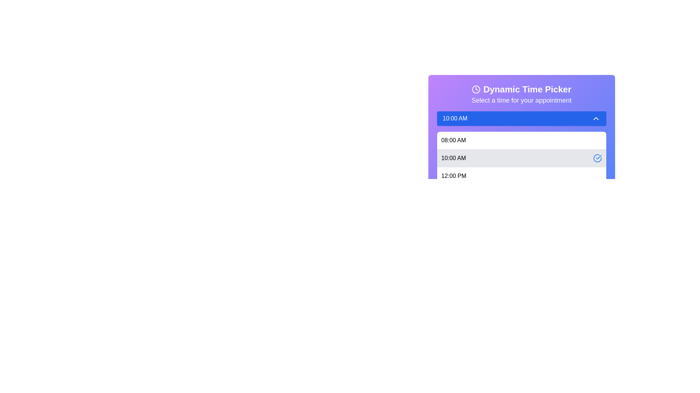 The width and height of the screenshot is (700, 393). What do you see at coordinates (521, 167) in the screenshot?
I see `the second selectable time slot in the dropdown menu under the 'Dynamic Time Picker' heading` at bounding box center [521, 167].